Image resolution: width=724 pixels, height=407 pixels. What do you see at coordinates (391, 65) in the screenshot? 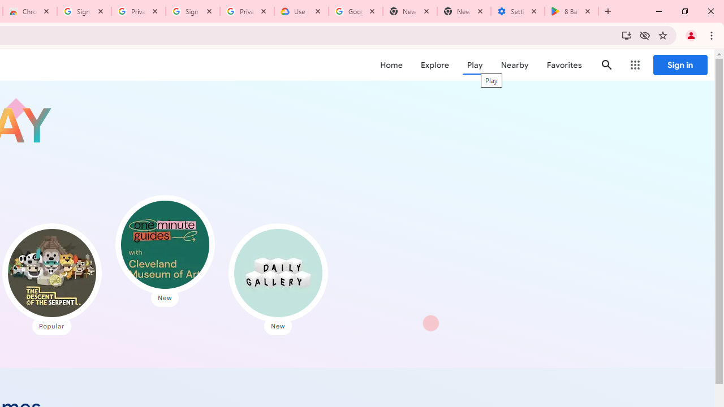
I see `'Home'` at bounding box center [391, 65].